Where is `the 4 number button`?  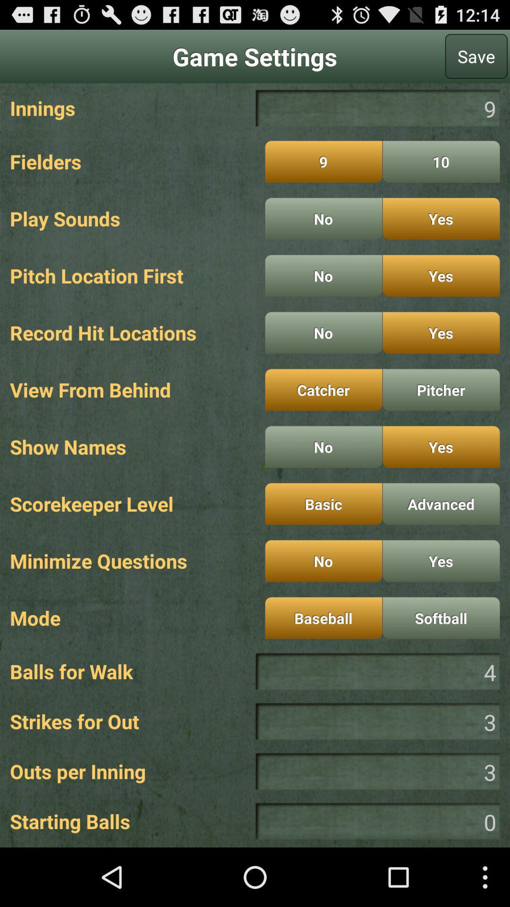 the 4 number button is located at coordinates (377, 671).